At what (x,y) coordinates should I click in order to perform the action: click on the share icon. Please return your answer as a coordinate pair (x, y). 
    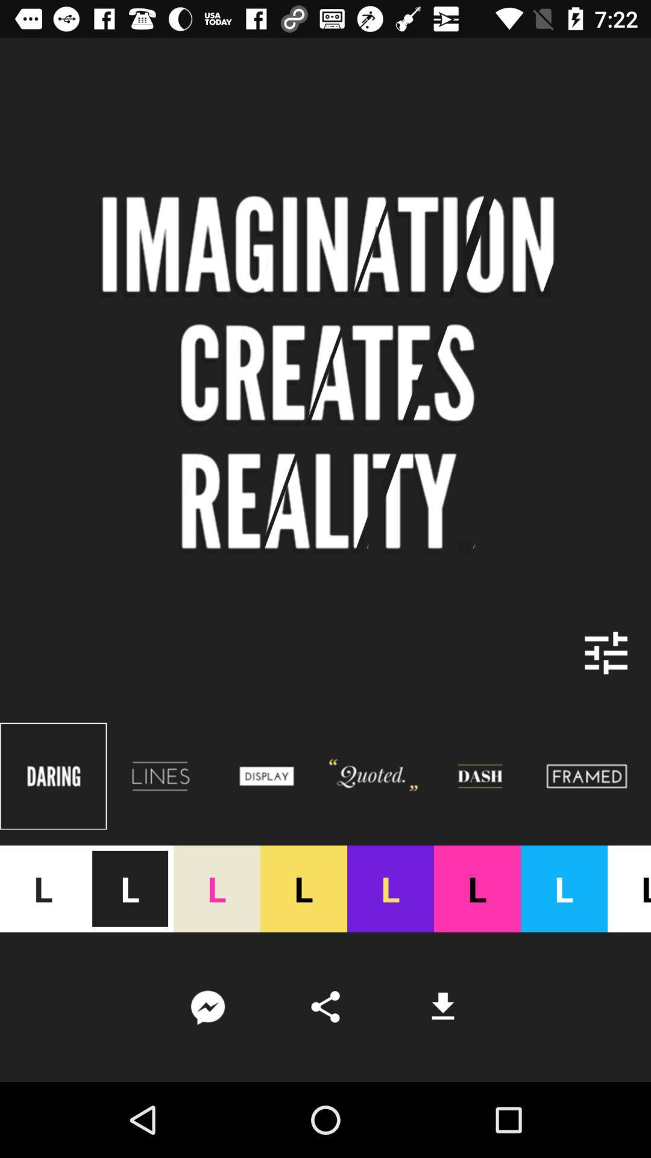
    Looking at the image, I should click on (325, 1007).